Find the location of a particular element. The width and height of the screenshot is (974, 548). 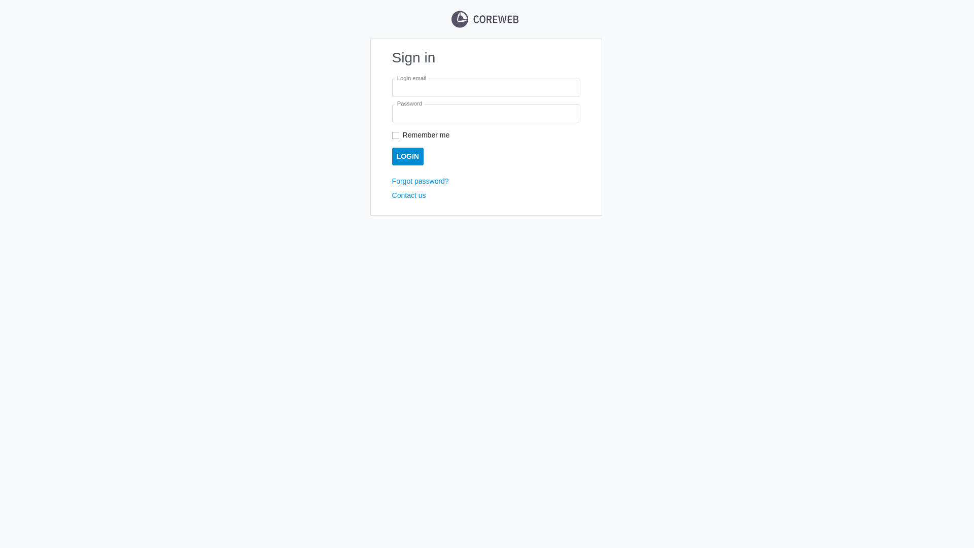

'Forgot password?' is located at coordinates (421, 181).